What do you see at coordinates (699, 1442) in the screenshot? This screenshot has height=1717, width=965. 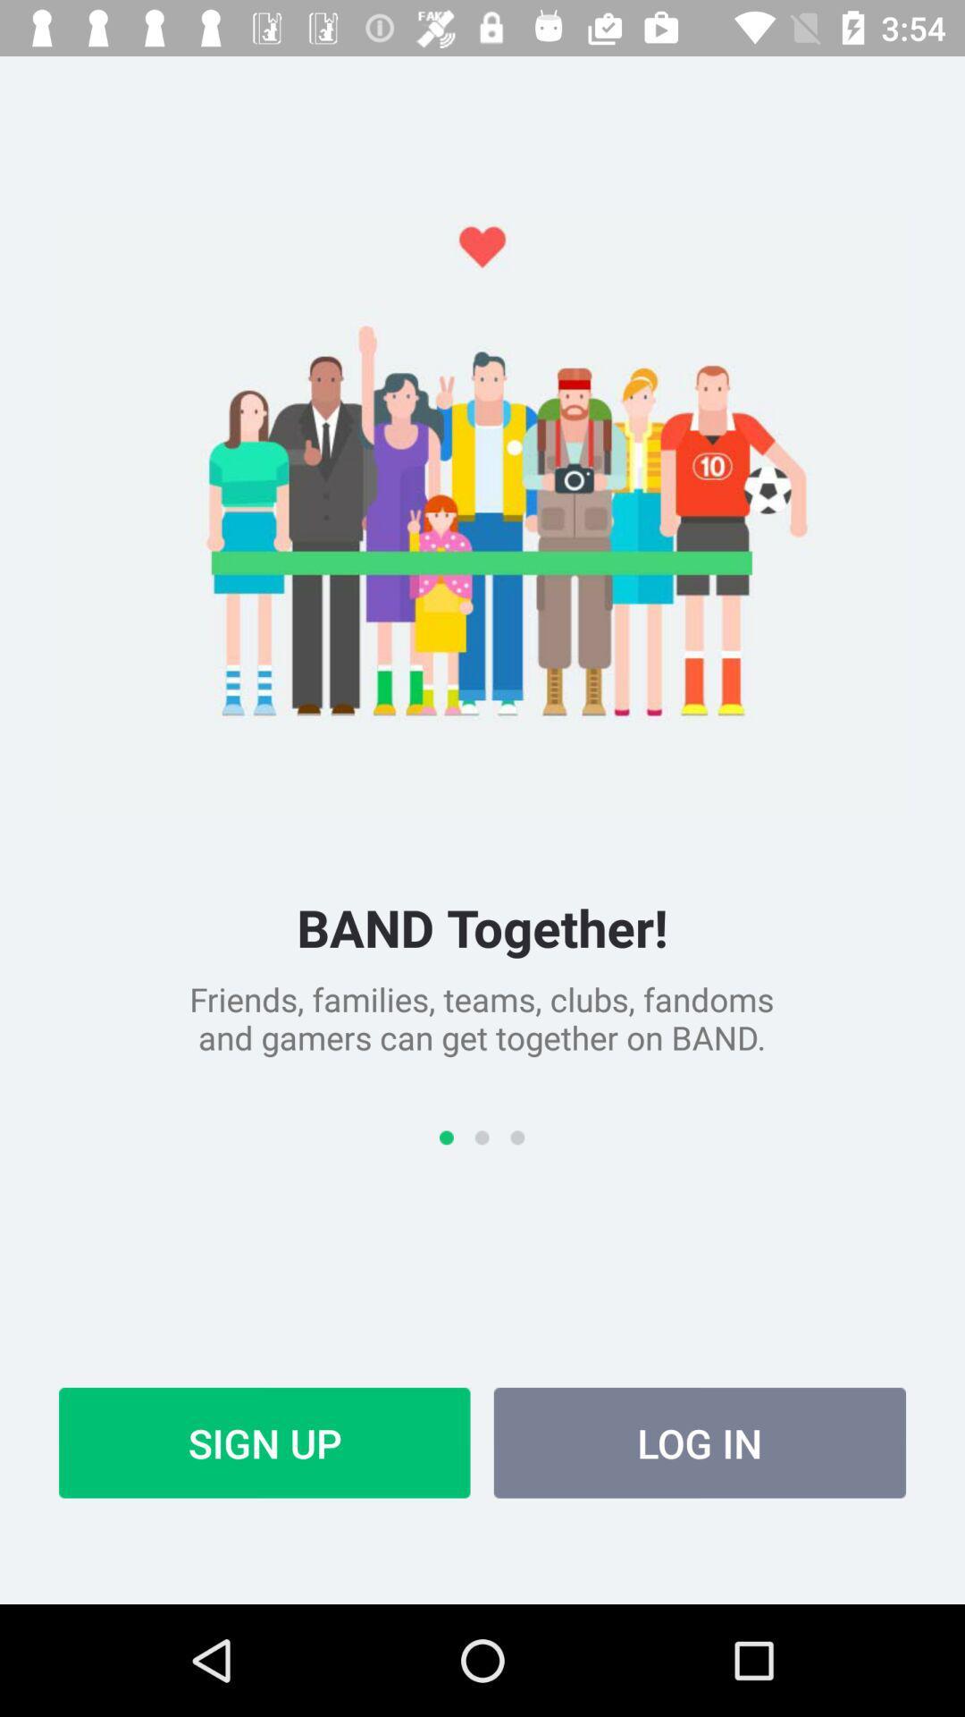 I see `item next to sign up icon` at bounding box center [699, 1442].